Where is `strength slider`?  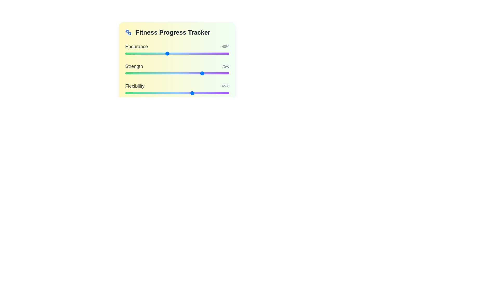
strength slider is located at coordinates (153, 73).